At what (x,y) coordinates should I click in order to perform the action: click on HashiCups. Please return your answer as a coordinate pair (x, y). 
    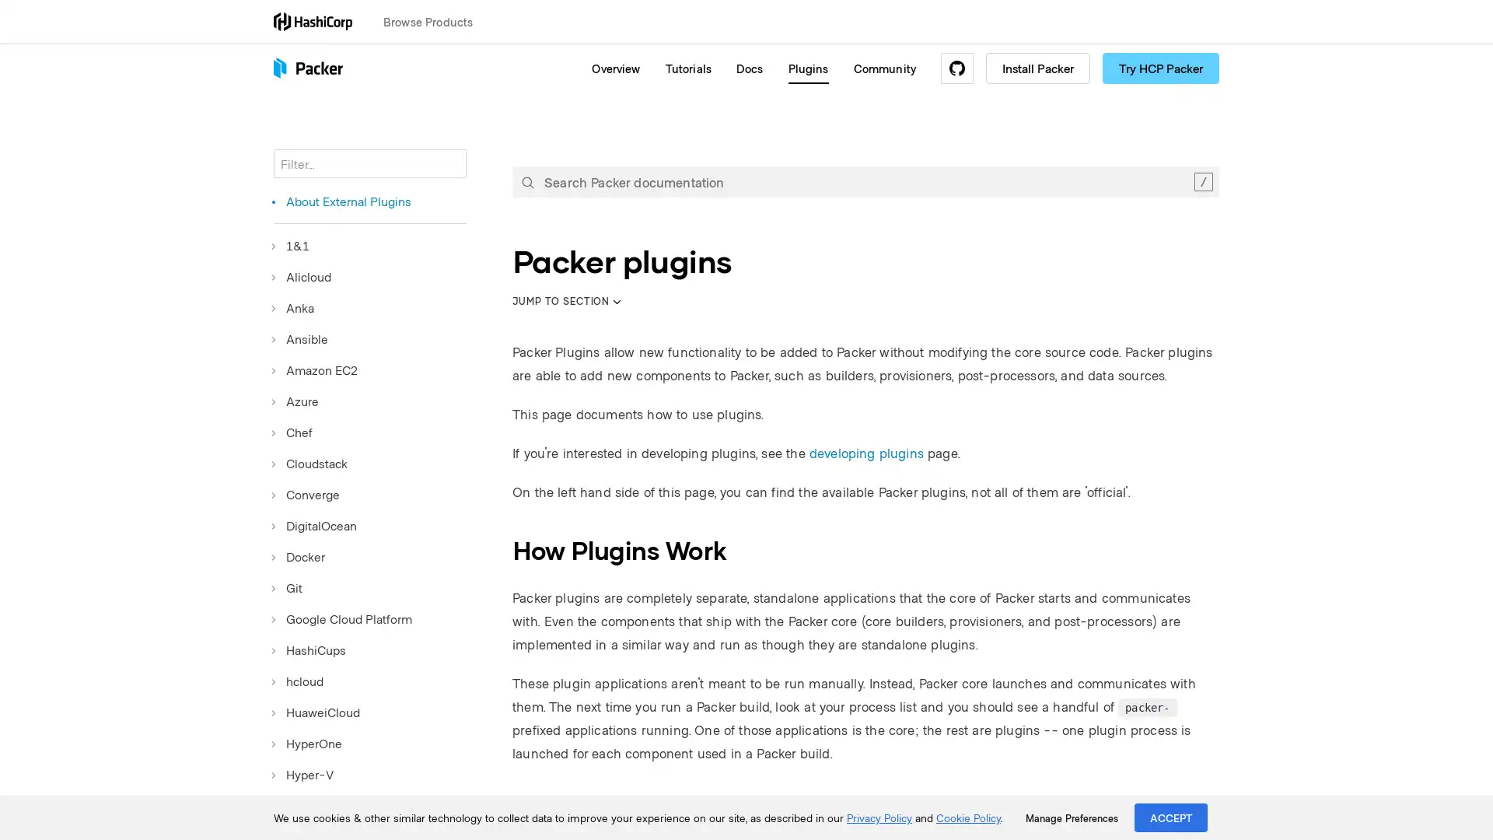
    Looking at the image, I should click on (309, 650).